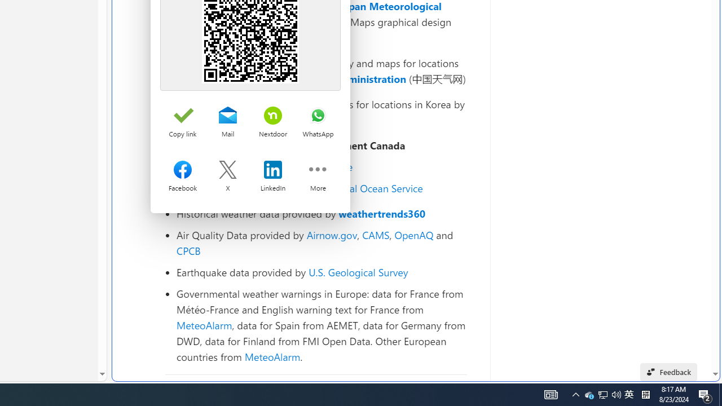 The width and height of the screenshot is (722, 406). What do you see at coordinates (413, 234) in the screenshot?
I see `'OpenAQ'` at bounding box center [413, 234].